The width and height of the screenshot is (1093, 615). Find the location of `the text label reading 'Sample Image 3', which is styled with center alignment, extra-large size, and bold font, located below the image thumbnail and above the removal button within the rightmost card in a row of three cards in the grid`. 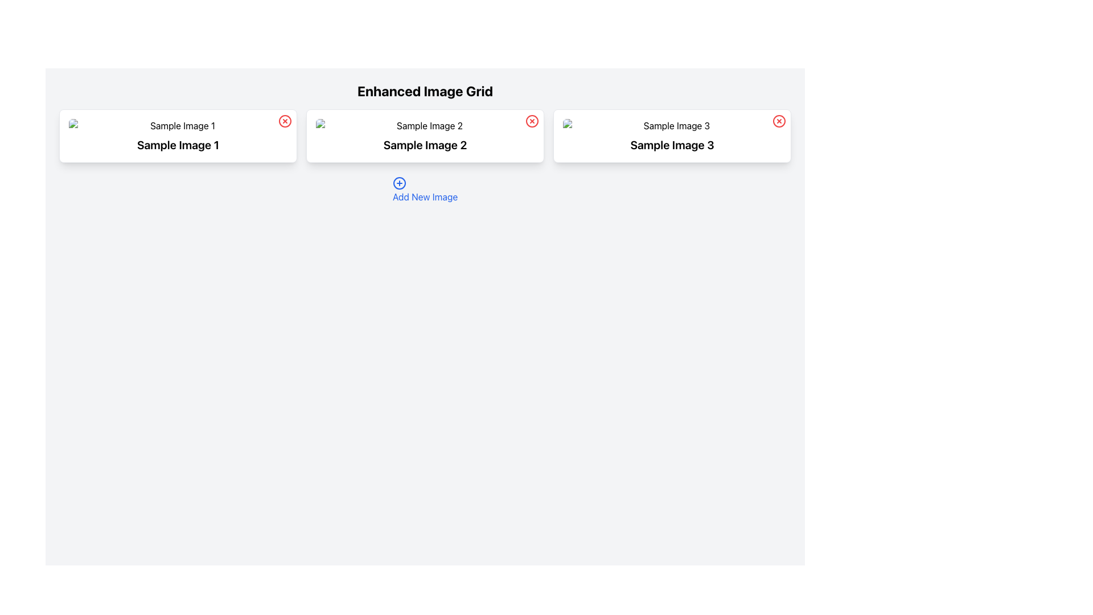

the text label reading 'Sample Image 3', which is styled with center alignment, extra-large size, and bold font, located below the image thumbnail and above the removal button within the rightmost card in a row of three cards in the grid is located at coordinates (672, 144).